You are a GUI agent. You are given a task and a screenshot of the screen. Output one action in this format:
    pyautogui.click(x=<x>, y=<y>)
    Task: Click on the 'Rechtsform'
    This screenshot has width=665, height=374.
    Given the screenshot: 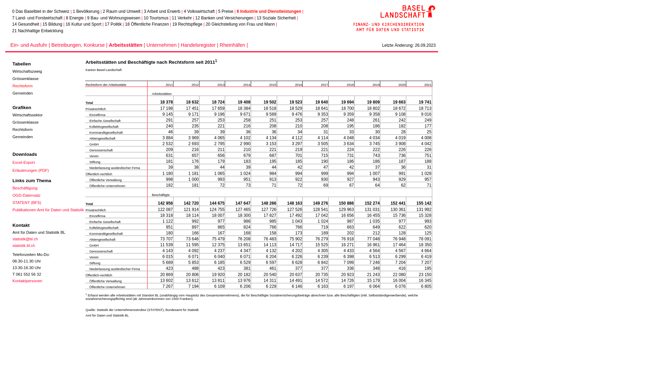 What is the action you would take?
    pyautogui.click(x=23, y=85)
    